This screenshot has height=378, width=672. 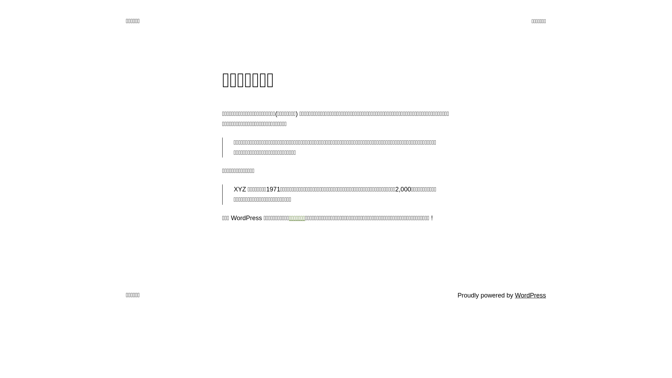 What do you see at coordinates (530, 295) in the screenshot?
I see `'WordPress'` at bounding box center [530, 295].